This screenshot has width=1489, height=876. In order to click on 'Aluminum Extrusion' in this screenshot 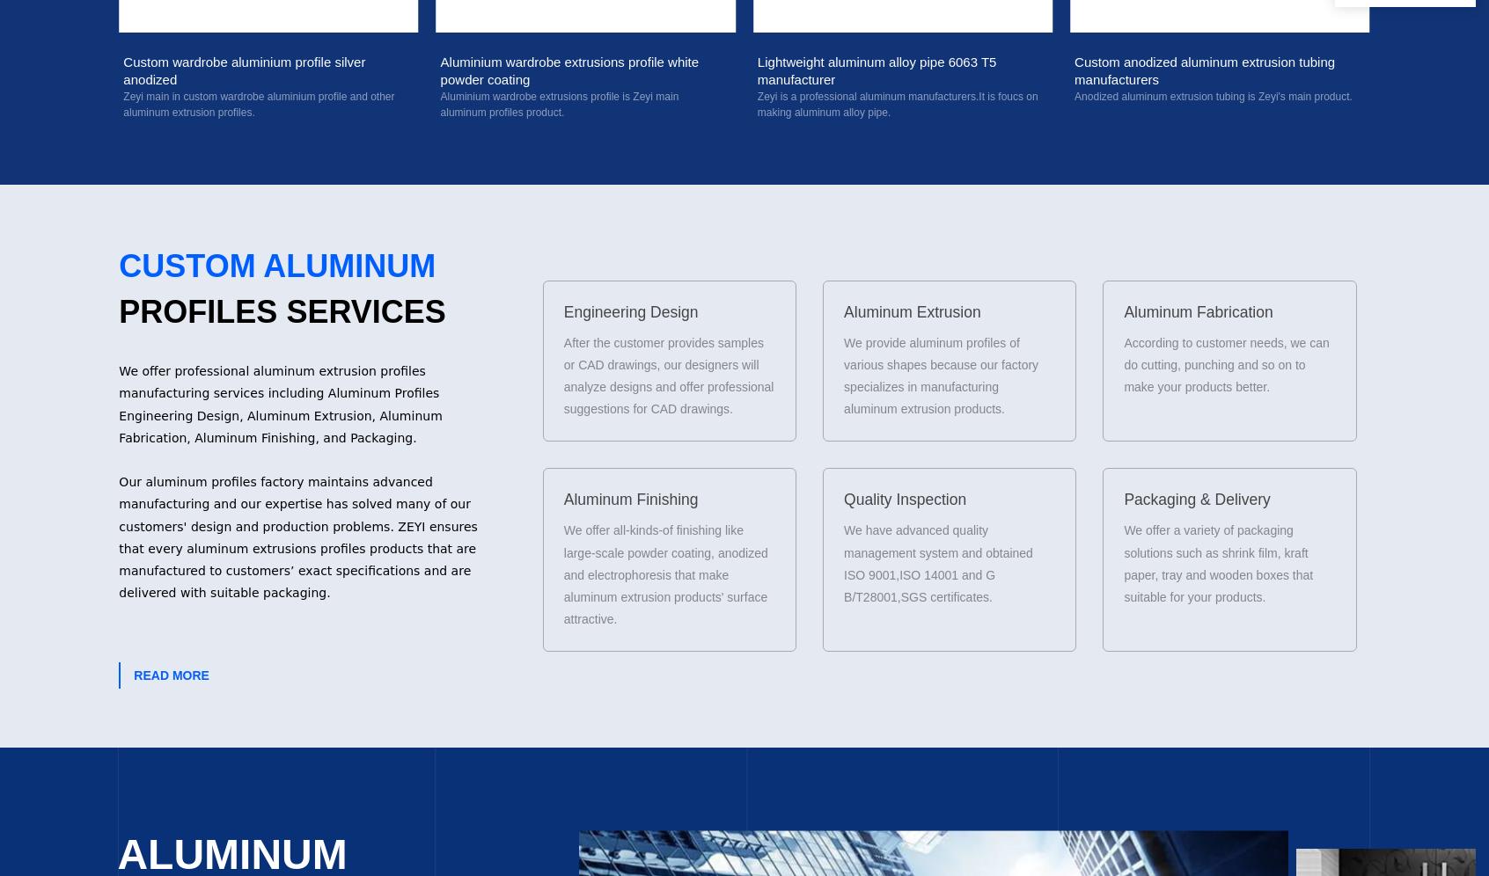, I will do `click(911, 310)`.